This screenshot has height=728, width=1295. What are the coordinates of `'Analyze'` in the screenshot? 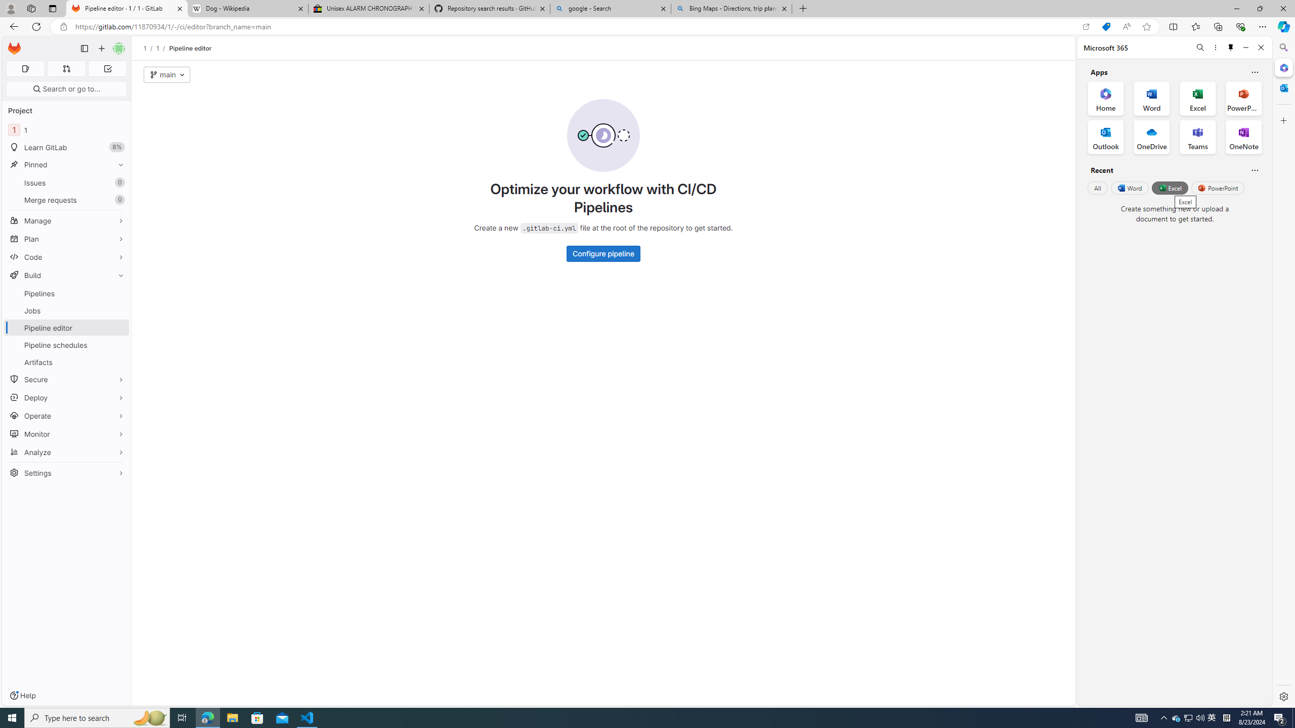 It's located at (66, 451).